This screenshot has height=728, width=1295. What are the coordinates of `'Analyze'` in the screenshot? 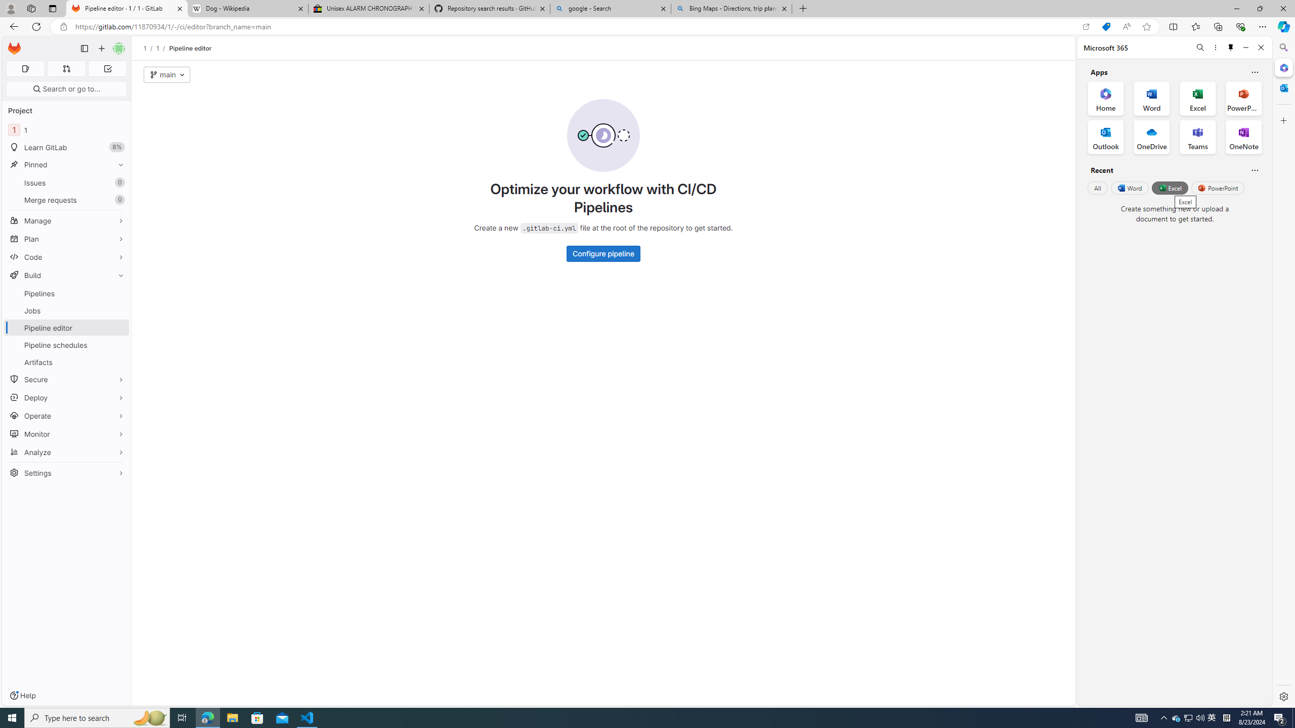 It's located at (66, 451).